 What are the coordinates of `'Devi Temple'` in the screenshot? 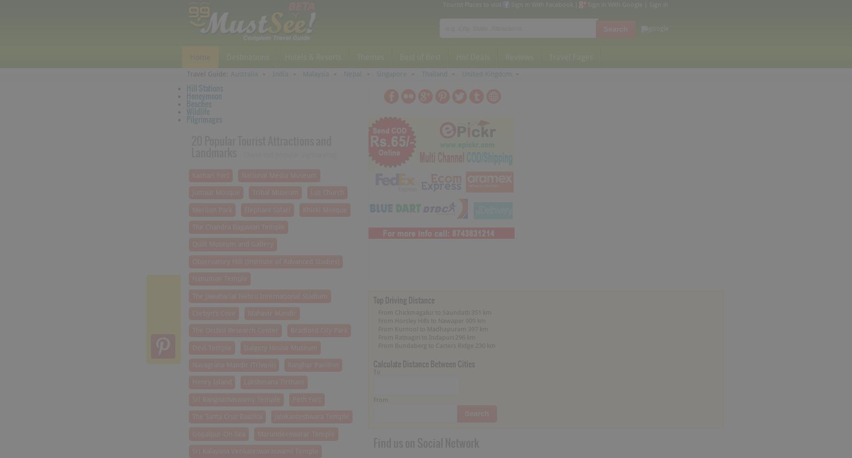 It's located at (191, 347).